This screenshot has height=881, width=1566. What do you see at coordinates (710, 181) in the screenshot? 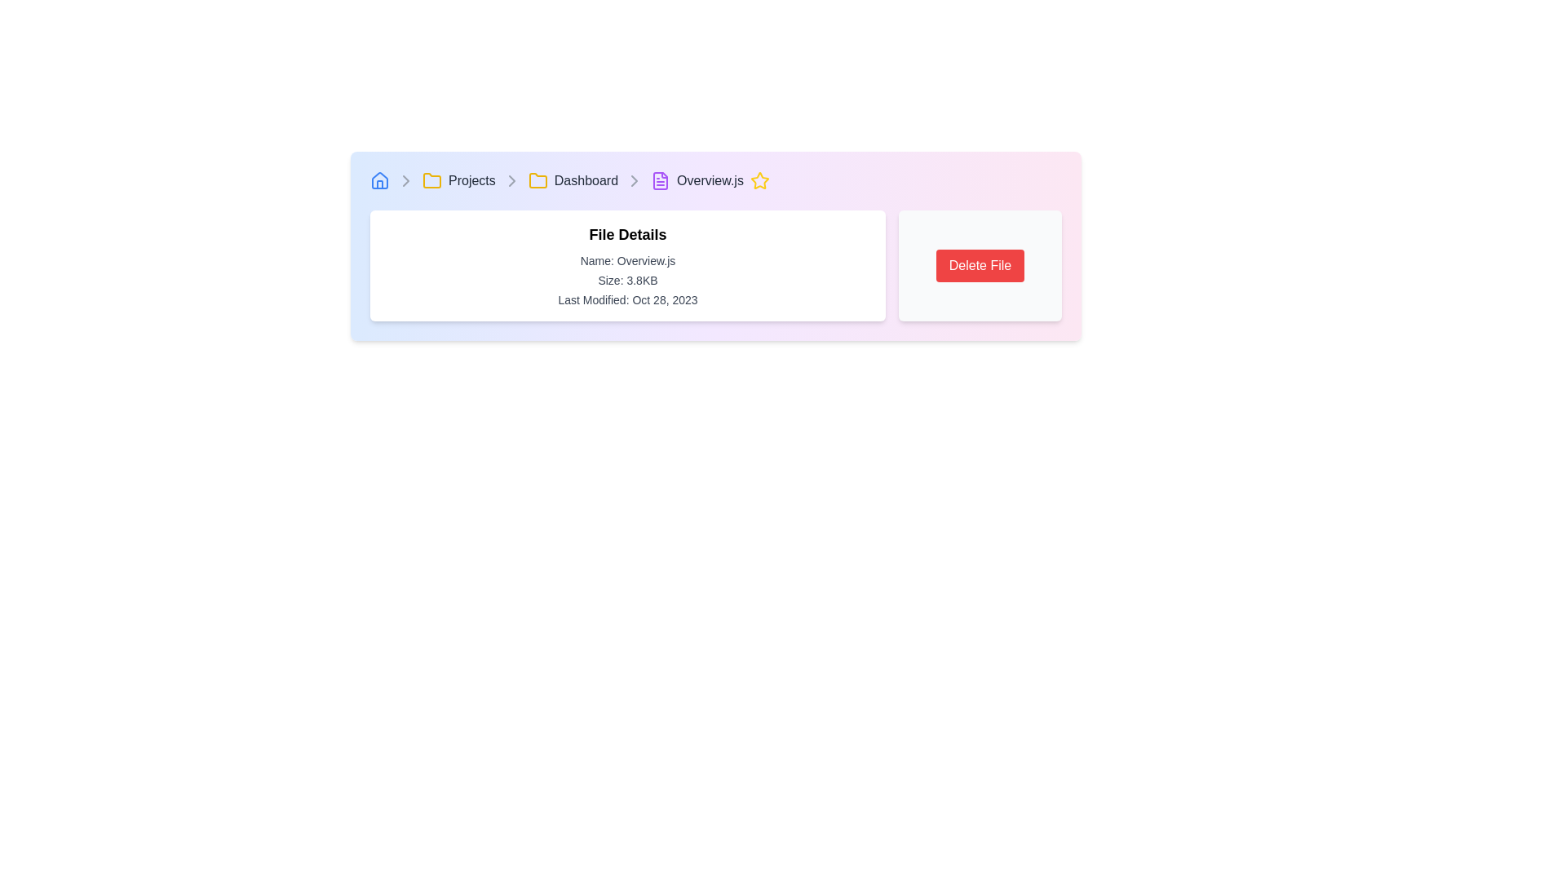
I see `the 'Overview.js' text label in the breadcrumb navigation to highlight or focus it` at bounding box center [710, 181].